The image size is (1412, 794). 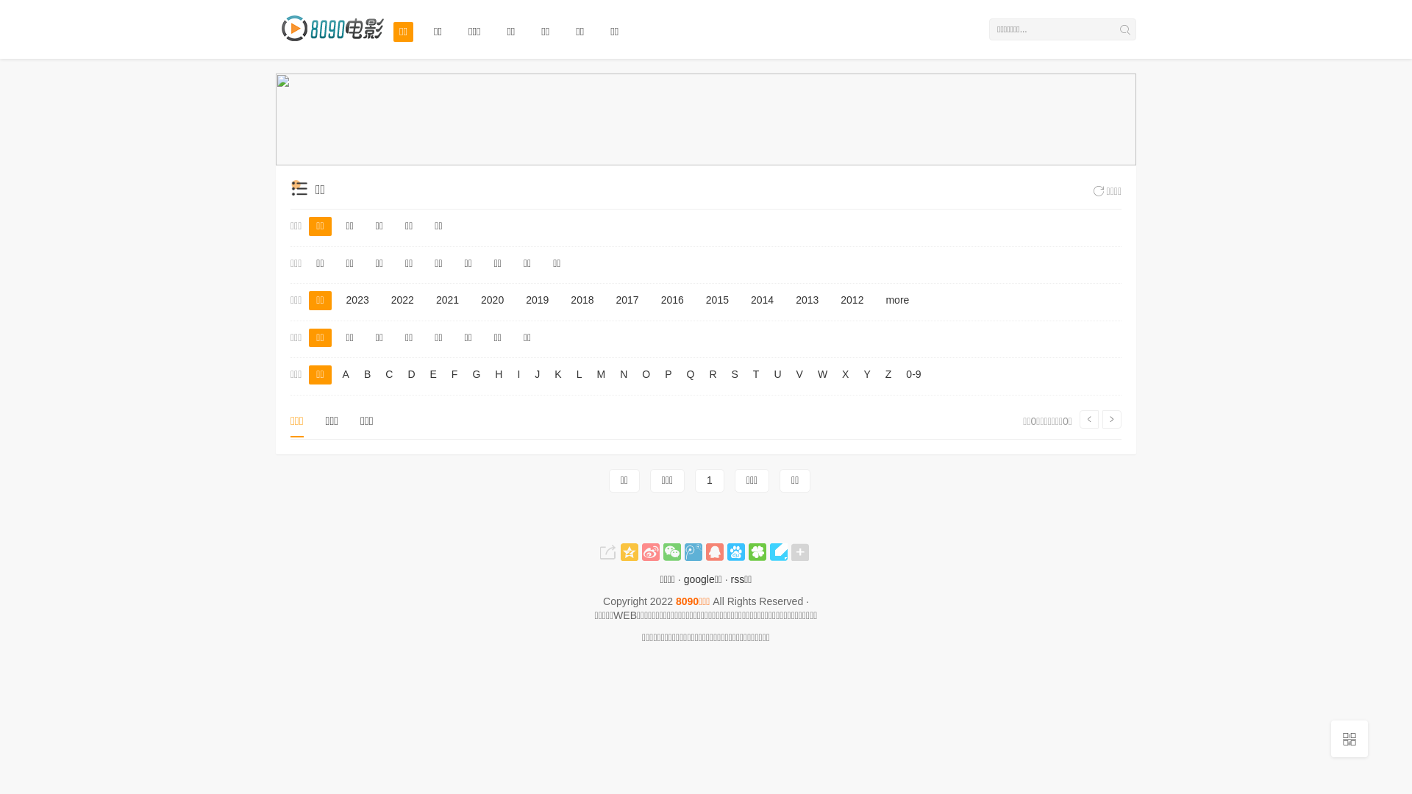 What do you see at coordinates (571, 373) in the screenshot?
I see `'L'` at bounding box center [571, 373].